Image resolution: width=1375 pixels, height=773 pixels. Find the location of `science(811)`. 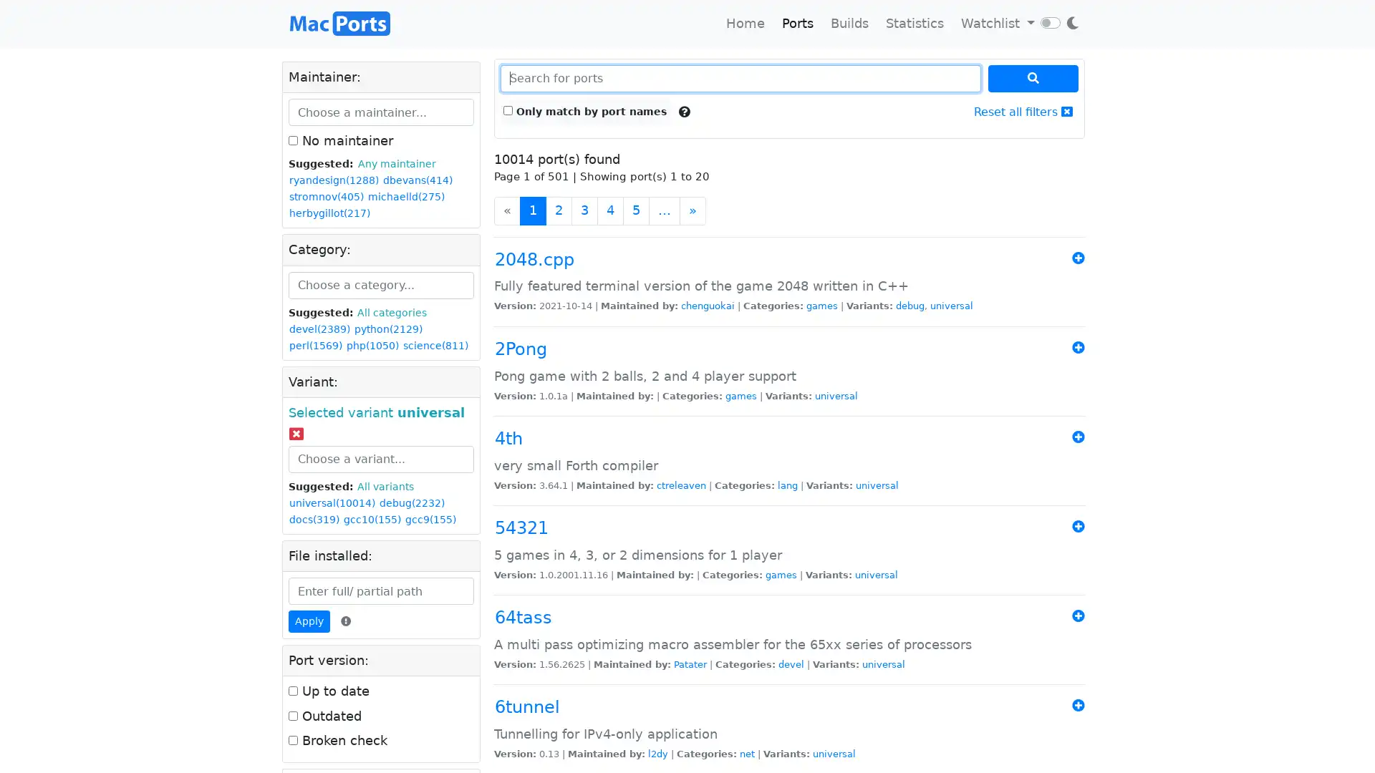

science(811) is located at coordinates (435, 345).